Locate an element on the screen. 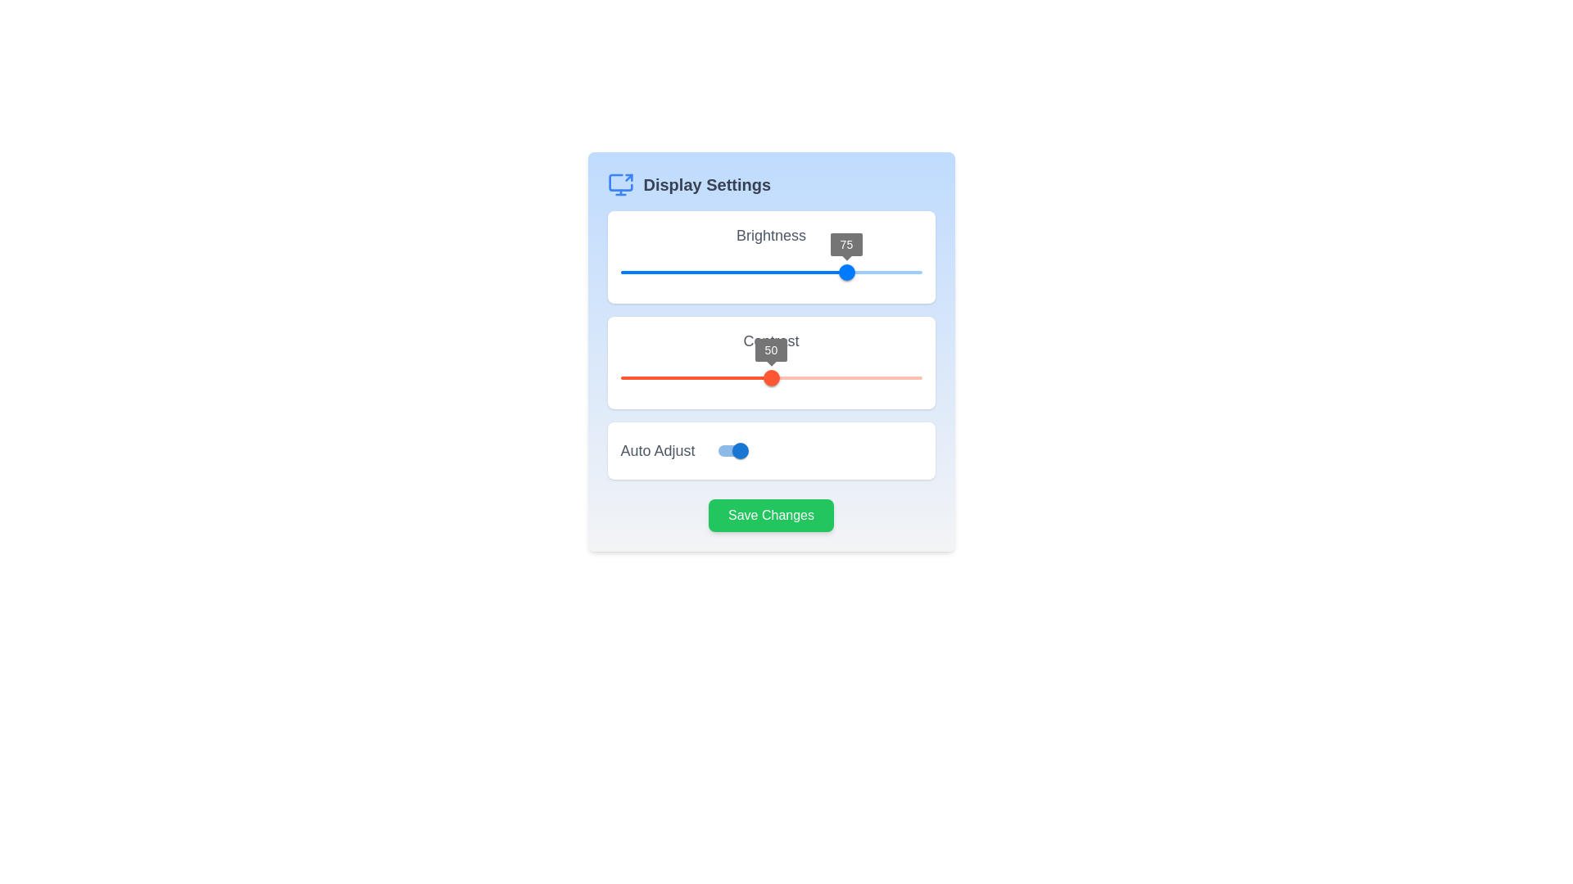 The height and width of the screenshot is (884, 1573). the brightness level is located at coordinates (692, 271).